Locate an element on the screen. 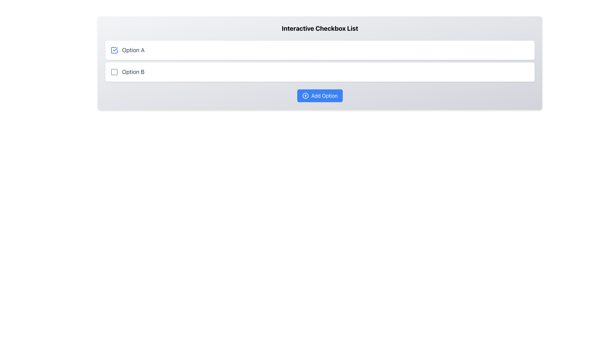 The width and height of the screenshot is (615, 346). the blue rectangular button labeled 'Add Option' with a plus sign icon, located in the 'Interactive Checkbox List' section is located at coordinates (320, 92).